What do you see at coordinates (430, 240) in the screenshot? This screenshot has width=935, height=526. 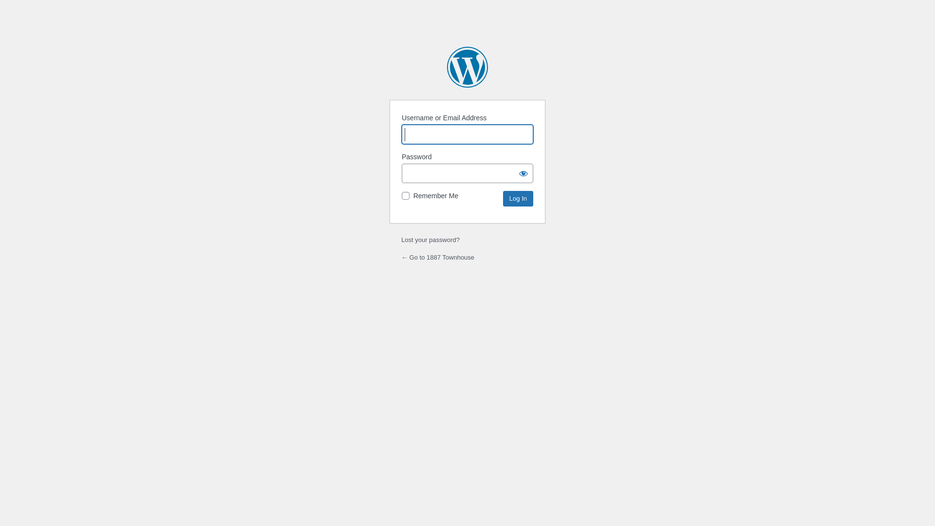 I see `'Lost your password?'` at bounding box center [430, 240].